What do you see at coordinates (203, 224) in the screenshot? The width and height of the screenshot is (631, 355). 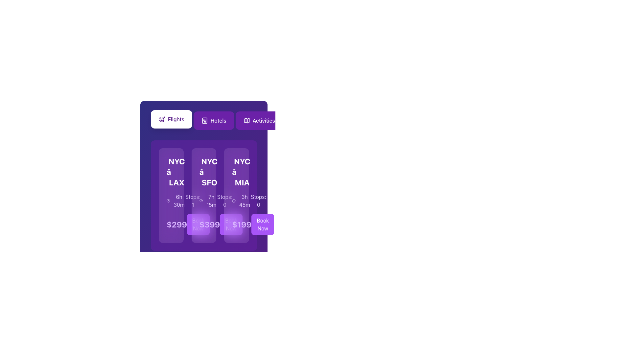 I see `the 'Book Now' button in the NYC to SFO flight card, which is a rectangular button with white text on a purple background, located below the large, bold text stating '$399'` at bounding box center [203, 224].